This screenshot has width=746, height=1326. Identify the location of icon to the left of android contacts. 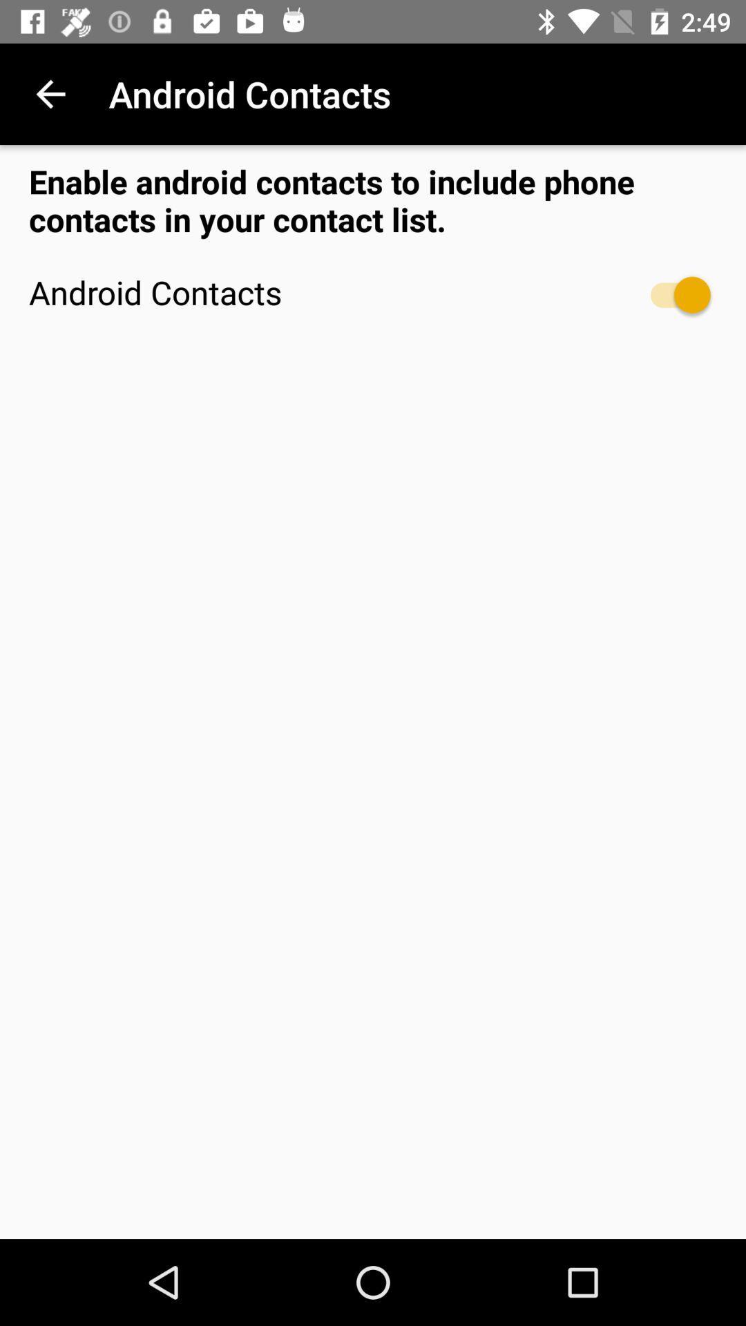
(50, 93).